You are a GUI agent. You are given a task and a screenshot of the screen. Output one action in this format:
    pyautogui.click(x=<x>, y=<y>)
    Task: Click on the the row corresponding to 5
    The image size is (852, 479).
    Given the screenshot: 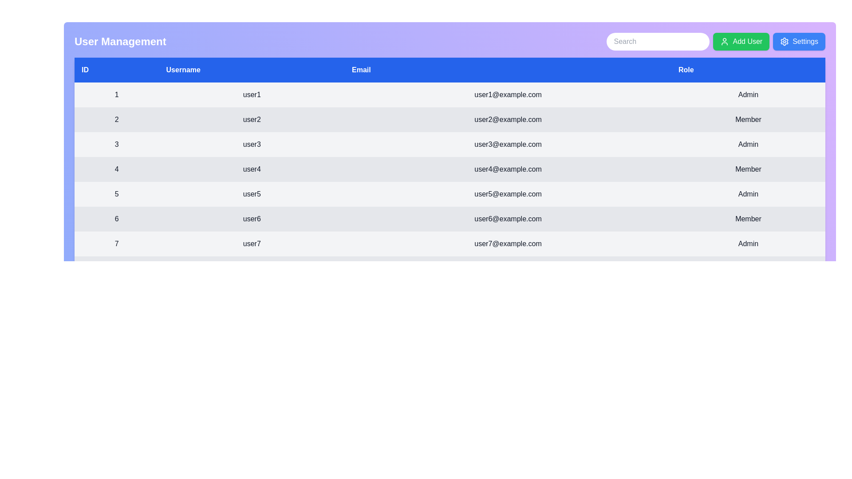 What is the action you would take?
    pyautogui.click(x=450, y=194)
    